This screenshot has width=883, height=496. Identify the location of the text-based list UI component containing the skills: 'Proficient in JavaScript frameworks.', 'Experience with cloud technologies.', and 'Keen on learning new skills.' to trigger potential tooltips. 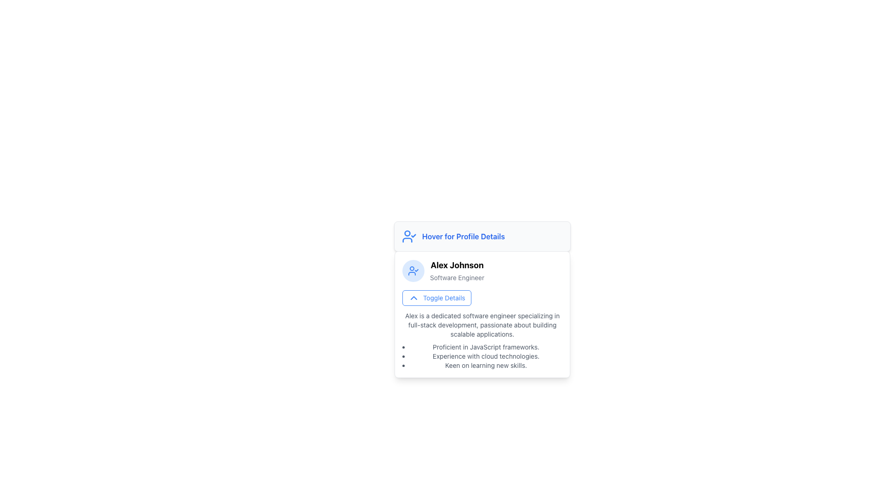
(485, 355).